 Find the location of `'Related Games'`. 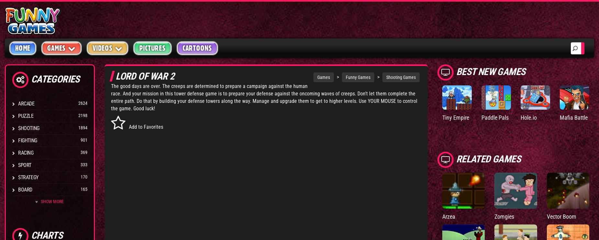

'Related Games' is located at coordinates (489, 158).